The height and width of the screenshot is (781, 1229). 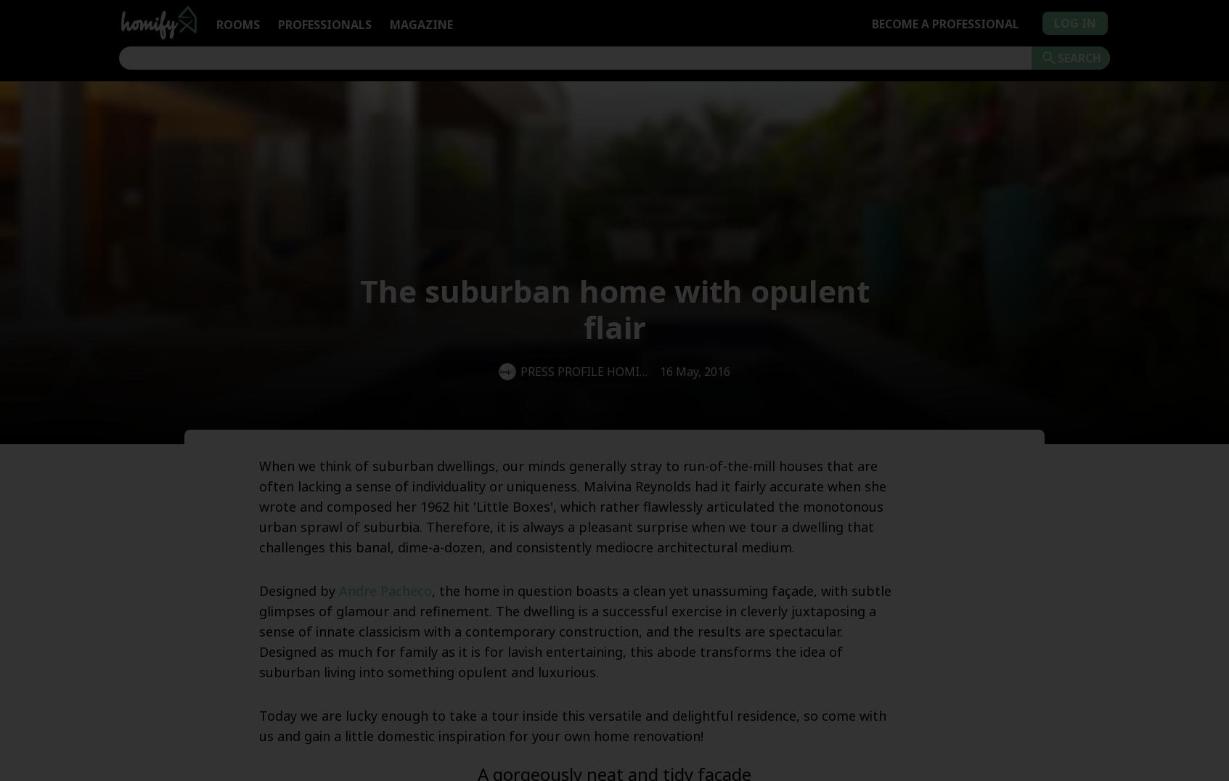 I want to click on 'Andre Pacheco', so click(x=384, y=589).